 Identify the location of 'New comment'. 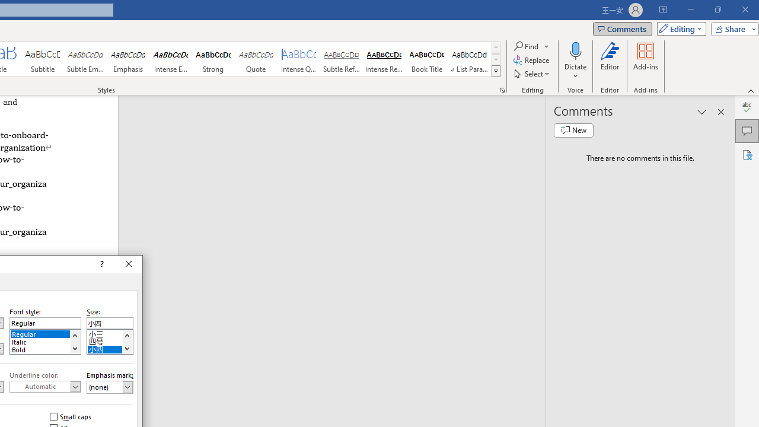
(573, 130).